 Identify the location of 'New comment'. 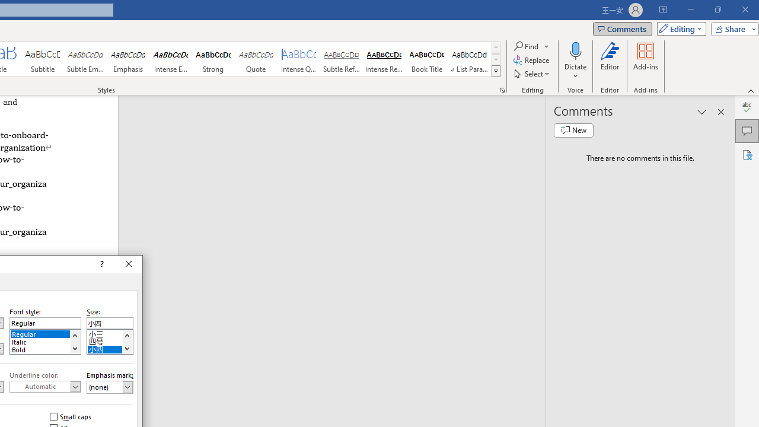
(573, 130).